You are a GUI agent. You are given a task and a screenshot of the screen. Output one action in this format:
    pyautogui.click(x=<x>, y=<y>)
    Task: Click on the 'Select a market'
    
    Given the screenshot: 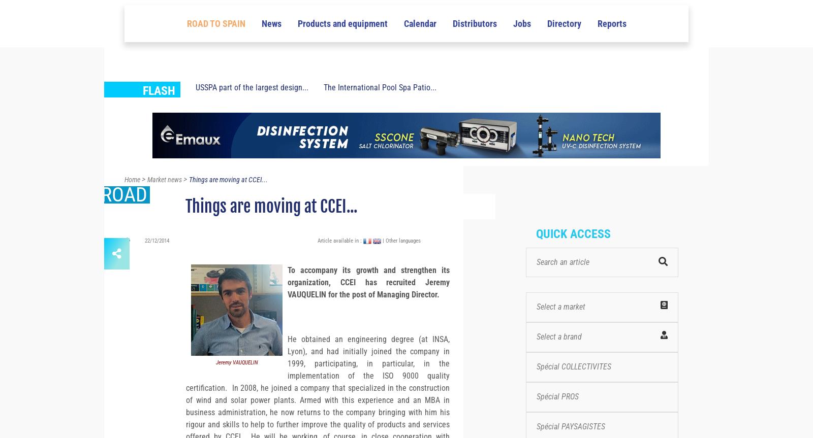 What is the action you would take?
    pyautogui.click(x=561, y=324)
    